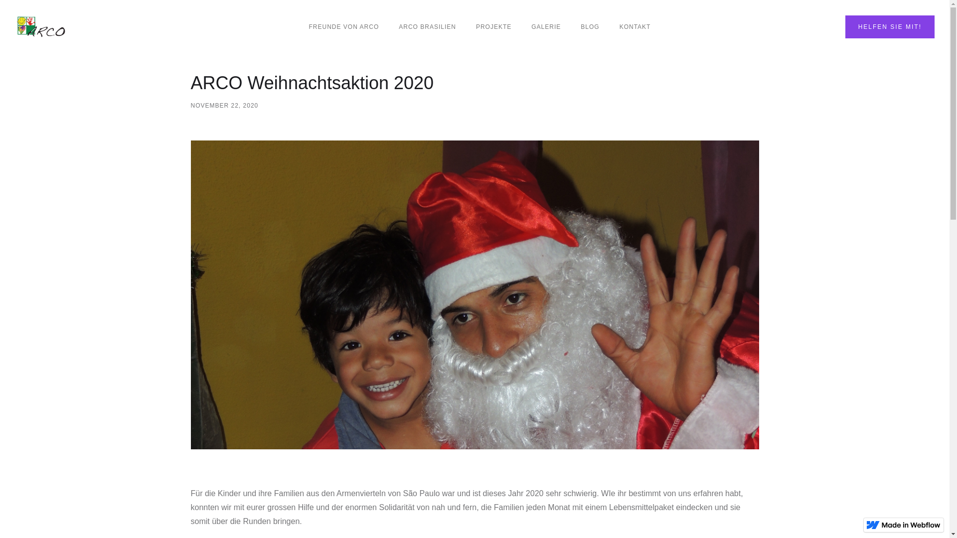 Image resolution: width=957 pixels, height=538 pixels. I want to click on 'PROJEKTE', so click(493, 26).